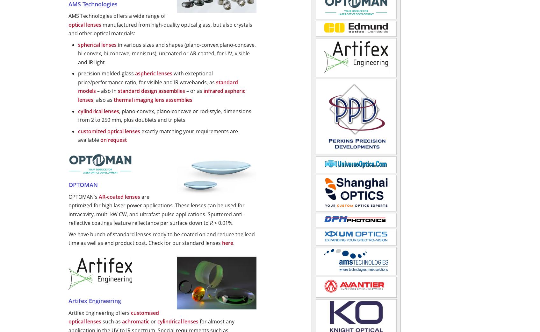 The image size is (540, 332). I want to click on 'customised optical lenses', so click(113, 317).